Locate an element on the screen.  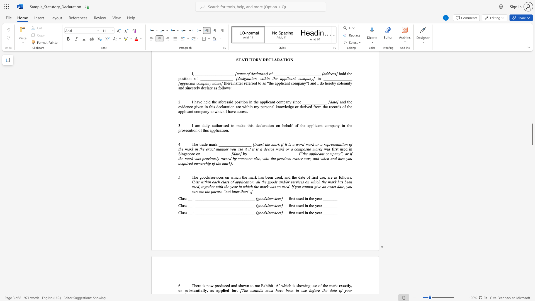
the scrollbar to move the page upward is located at coordinates (532, 103).